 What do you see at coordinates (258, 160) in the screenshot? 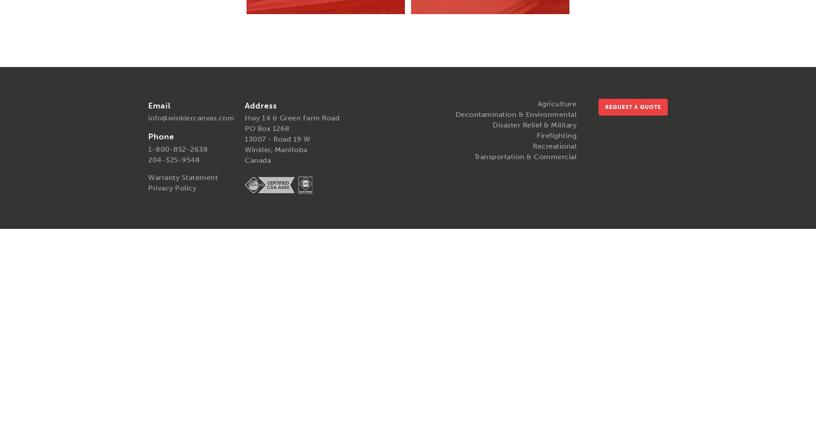
I see `'Canada'` at bounding box center [258, 160].